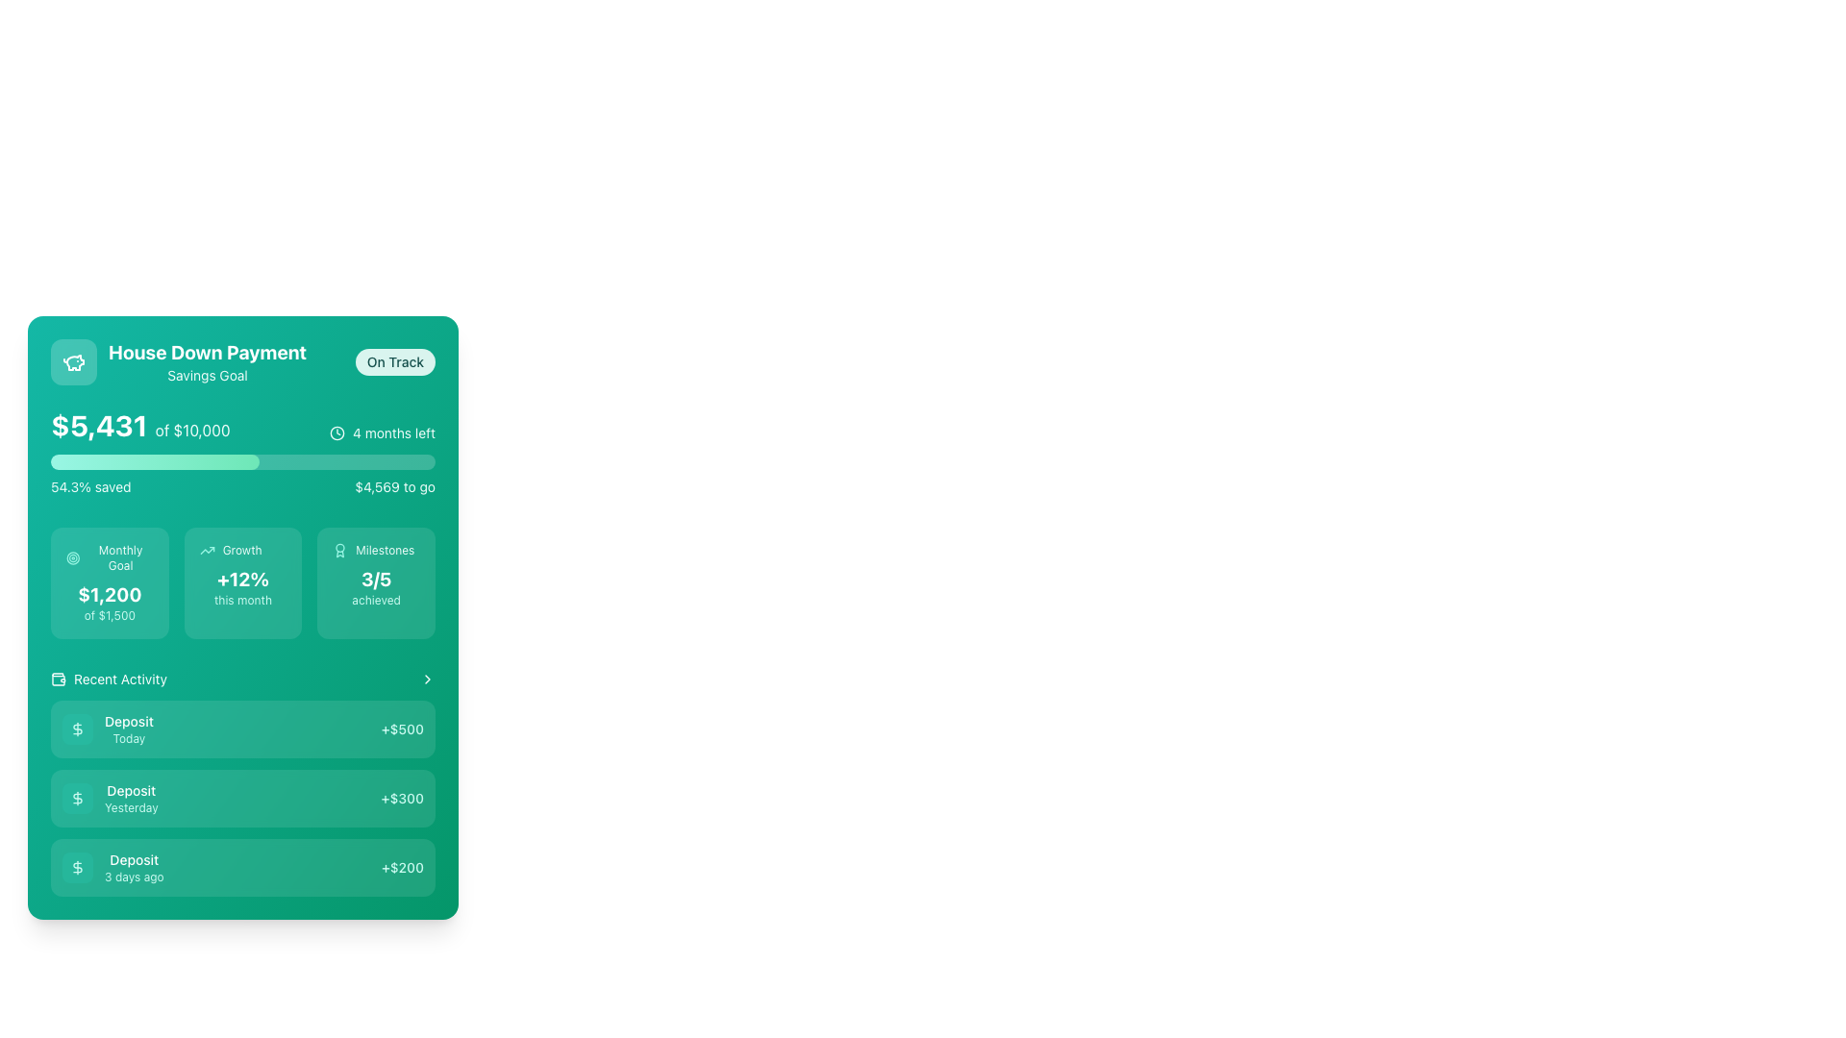  I want to click on the 'Growth' label element, which is a small-sized text in light teal color, located within a structured layout on a green background, positioned near the center of the panel, so click(241, 551).